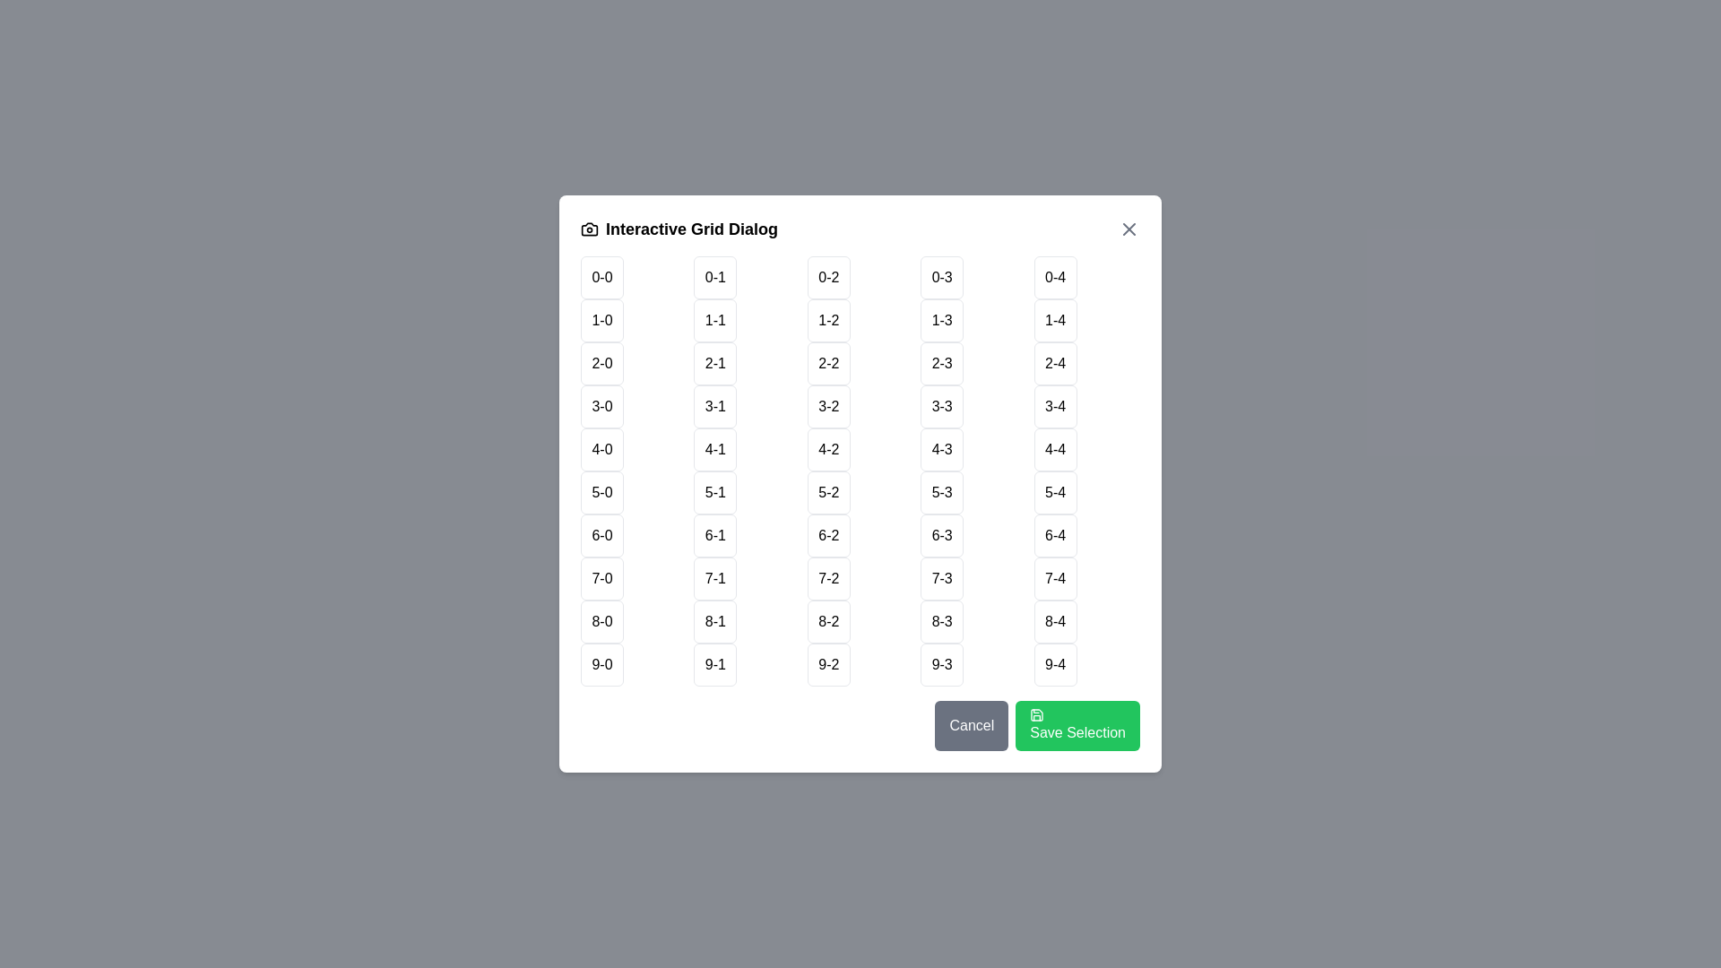  I want to click on 'Save Selection' button to save the selected cell, so click(1077, 726).